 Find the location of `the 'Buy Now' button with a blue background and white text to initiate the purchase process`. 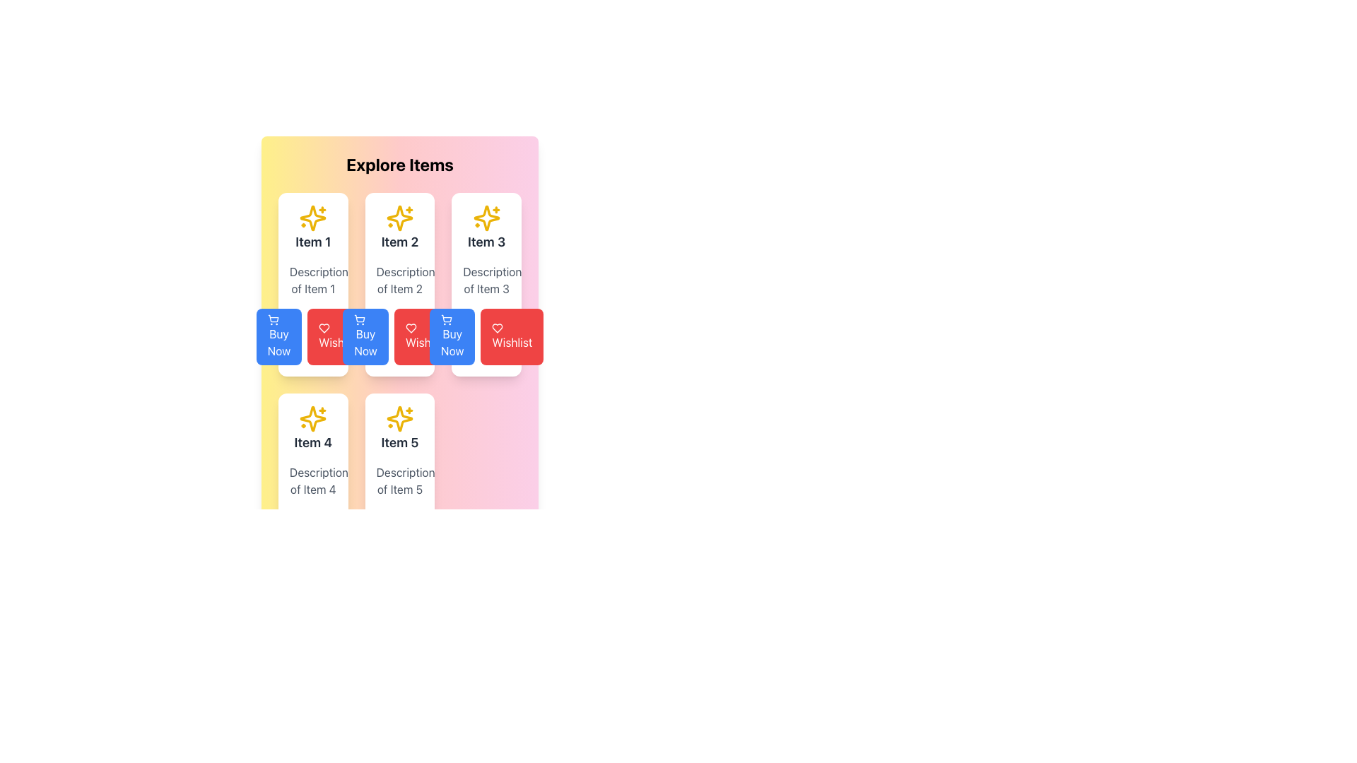

the 'Buy Now' button with a blue background and white text to initiate the purchase process is located at coordinates (452, 337).